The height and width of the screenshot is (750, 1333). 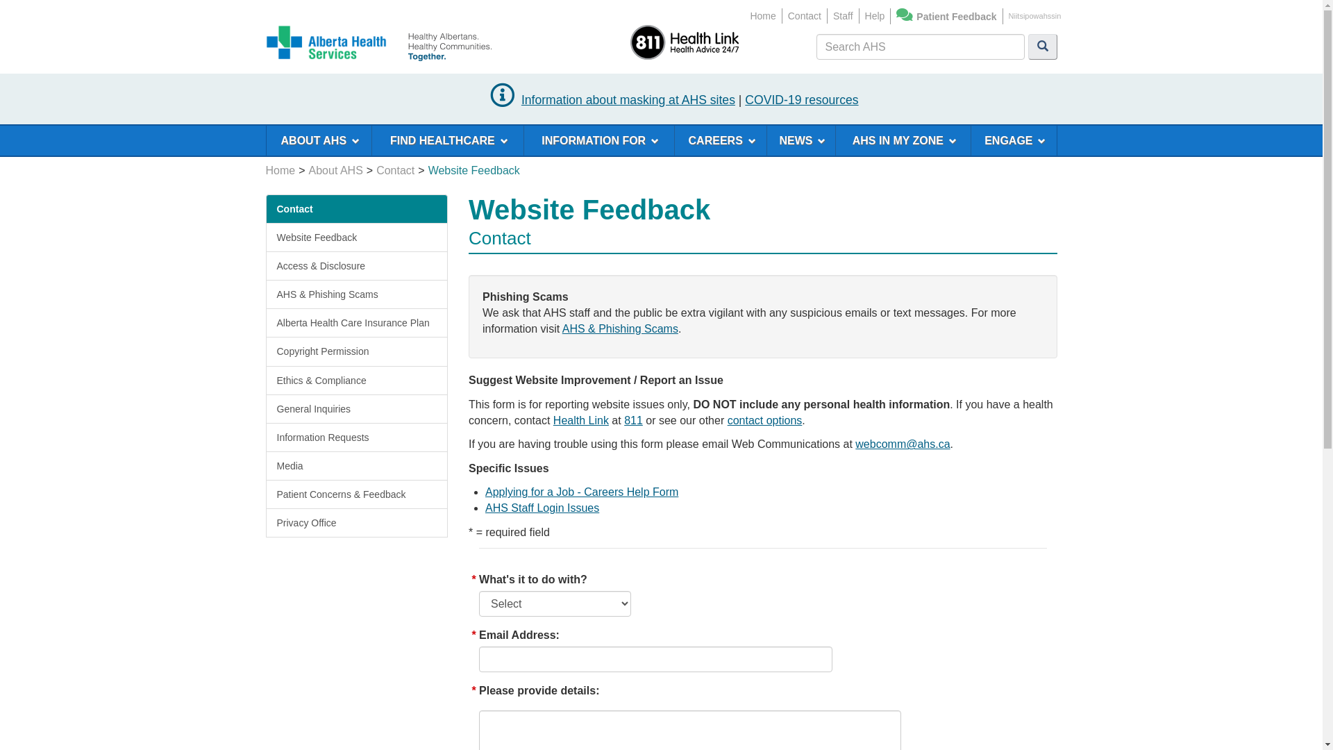 What do you see at coordinates (903, 444) in the screenshot?
I see `'webcomm@ahs.ca'` at bounding box center [903, 444].